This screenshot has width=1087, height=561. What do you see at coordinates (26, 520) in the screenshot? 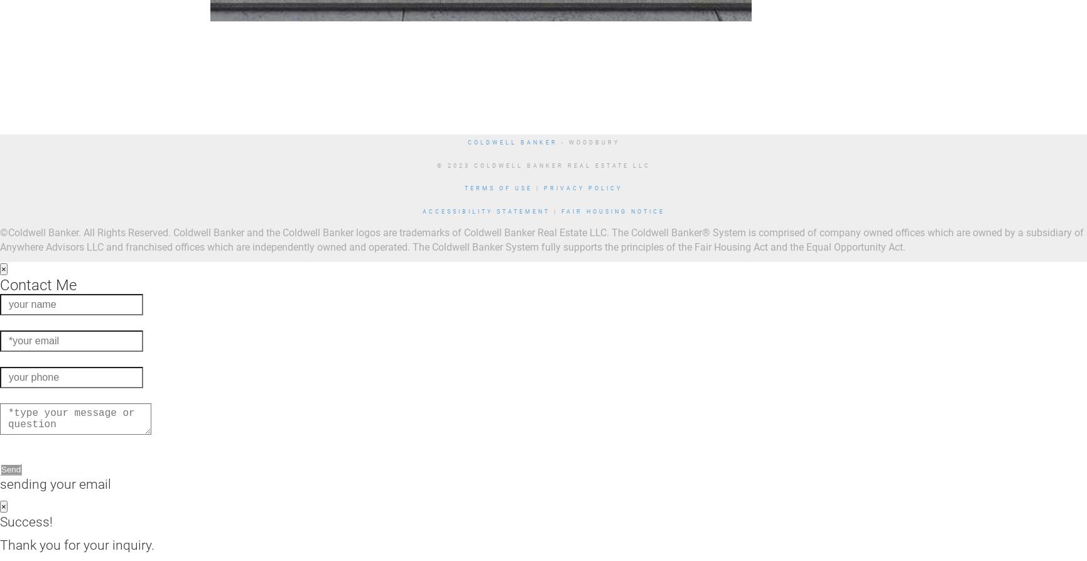
I see `'Success!'` at bounding box center [26, 520].